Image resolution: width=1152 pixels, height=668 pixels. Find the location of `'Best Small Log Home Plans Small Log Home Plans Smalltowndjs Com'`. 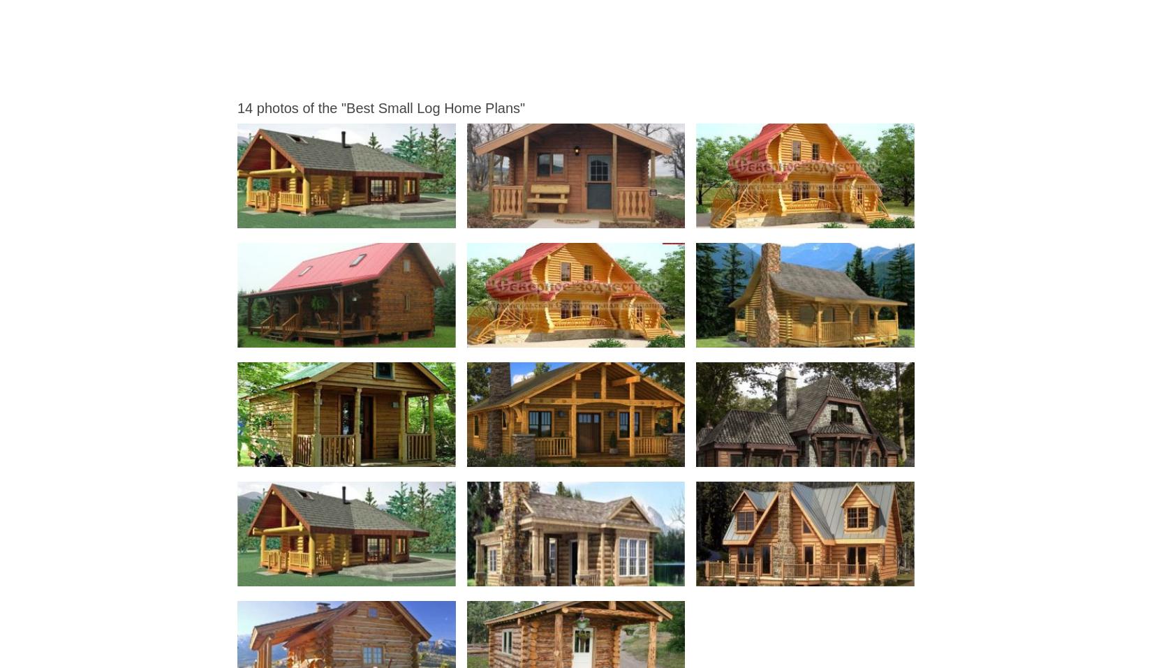

'Best Small Log Home Plans Small Log Home Plans Smalltowndjs Com' is located at coordinates (601, 454).